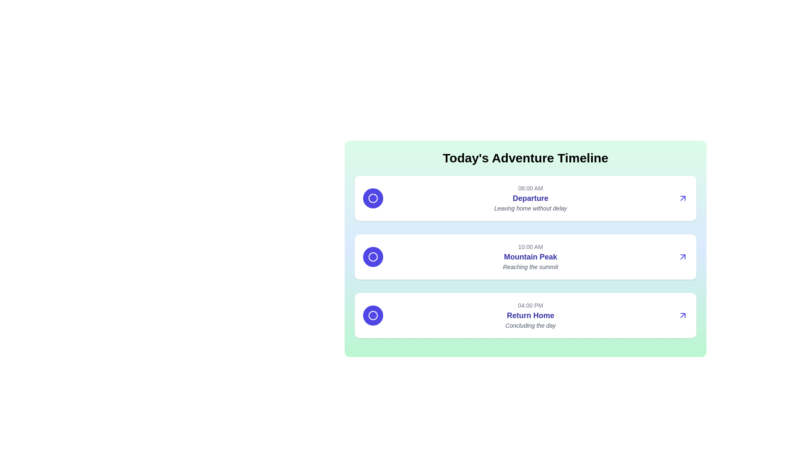 The width and height of the screenshot is (805, 452). What do you see at coordinates (683, 256) in the screenshot?
I see `the indigo blue upward-right pointing arrow icon button located at the bottom-right corner of the '10:00 AM Mountain Peak' card` at bounding box center [683, 256].